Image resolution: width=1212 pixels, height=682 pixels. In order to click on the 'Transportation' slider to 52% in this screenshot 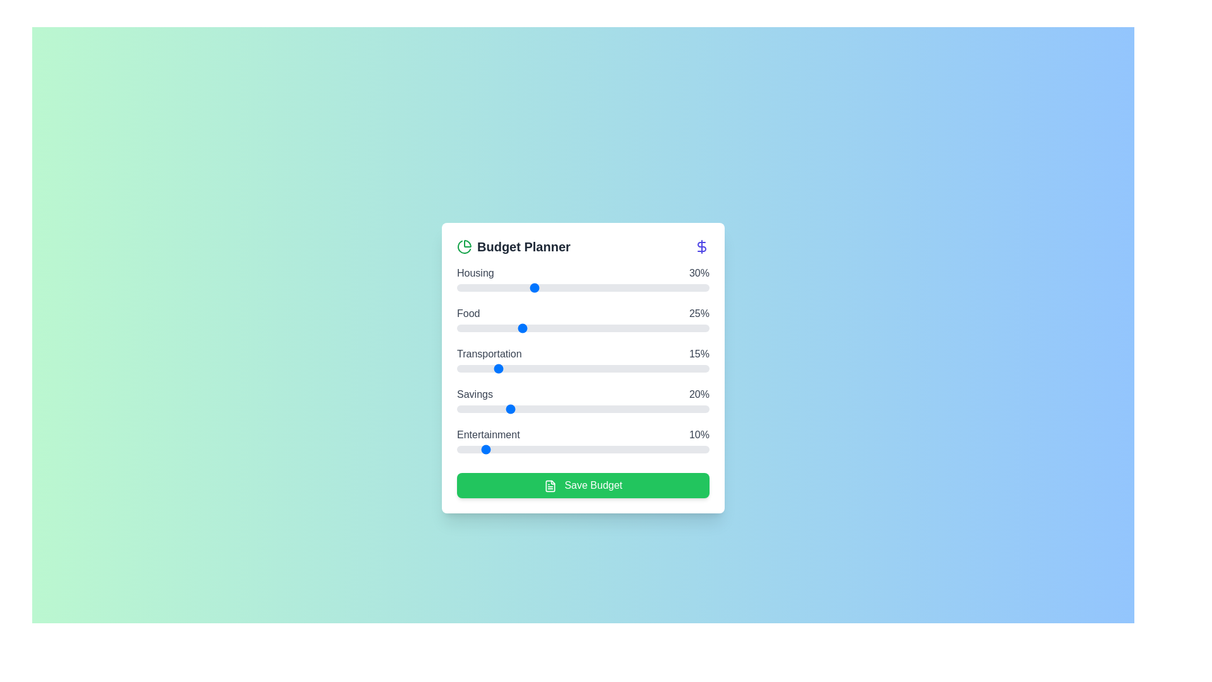, I will do `click(587, 368)`.